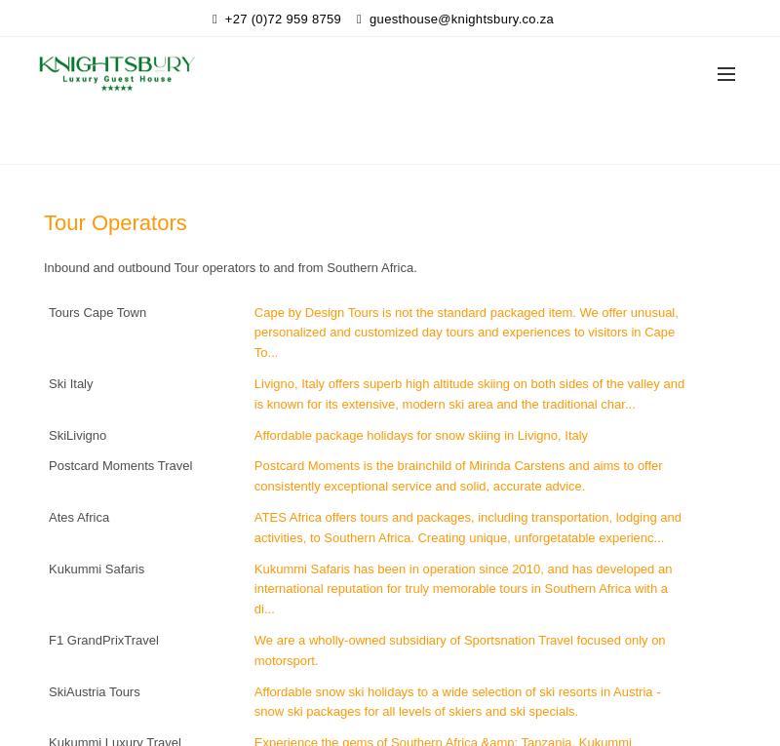 This screenshot has height=746, width=780. What do you see at coordinates (420, 433) in the screenshot?
I see `'Affordable package holidays for snow skiing in Livigno, Italy'` at bounding box center [420, 433].